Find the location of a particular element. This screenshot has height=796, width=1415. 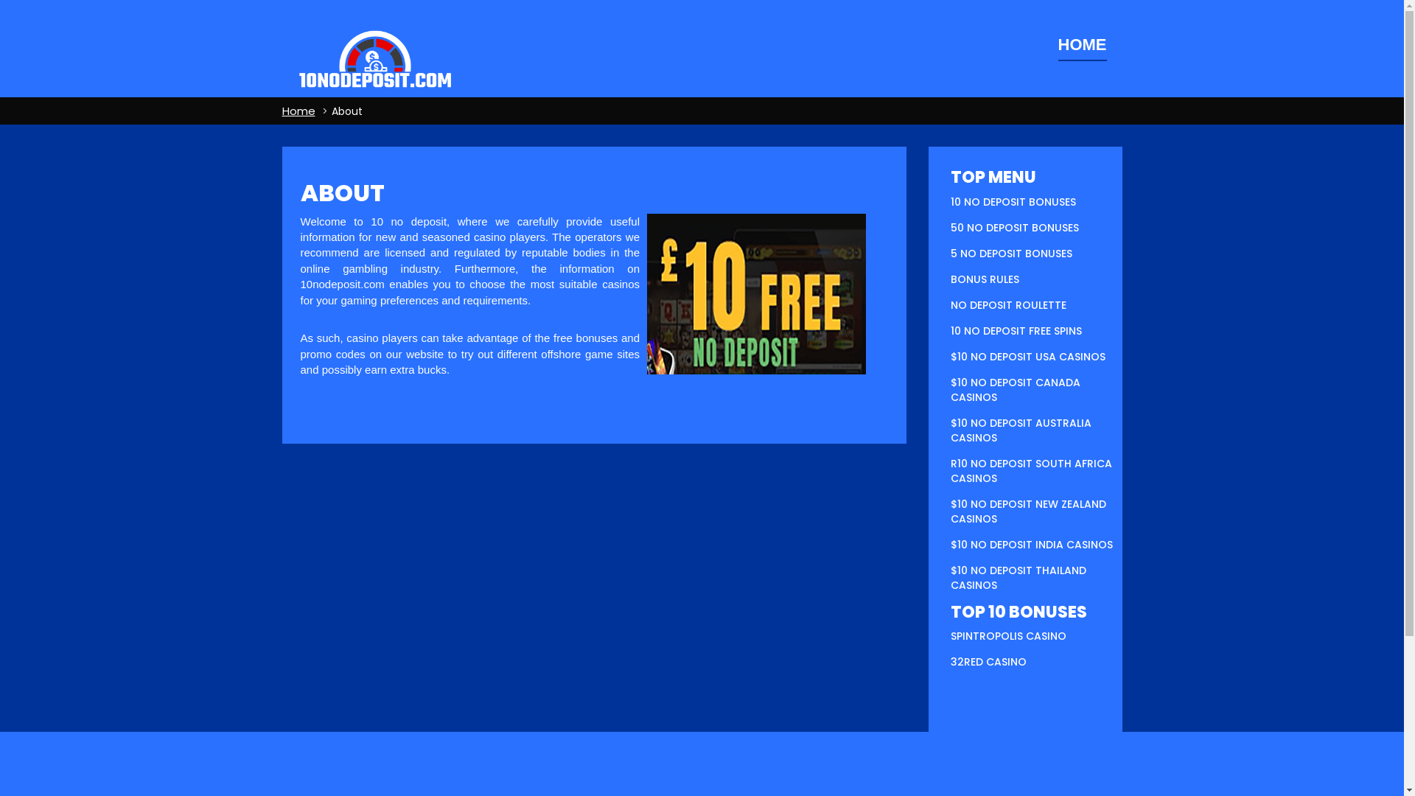

'$10 NO DEPOSIT THAILAND CASINOS' is located at coordinates (1018, 576).